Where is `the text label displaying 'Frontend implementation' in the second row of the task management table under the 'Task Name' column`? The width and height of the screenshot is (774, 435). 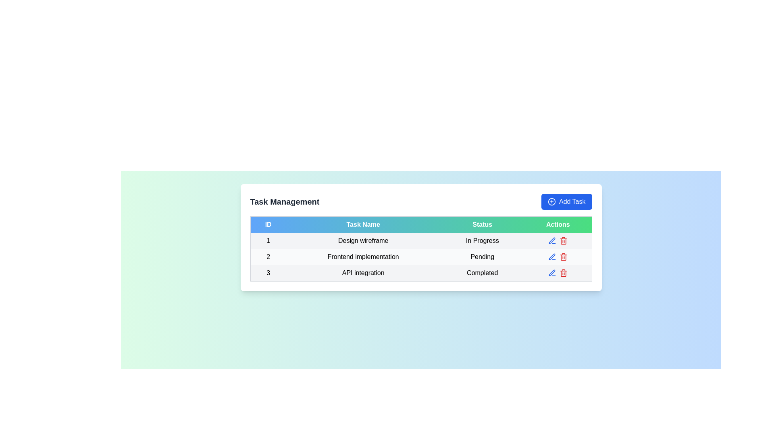 the text label displaying 'Frontend implementation' in the second row of the task management table under the 'Task Name' column is located at coordinates (363, 257).